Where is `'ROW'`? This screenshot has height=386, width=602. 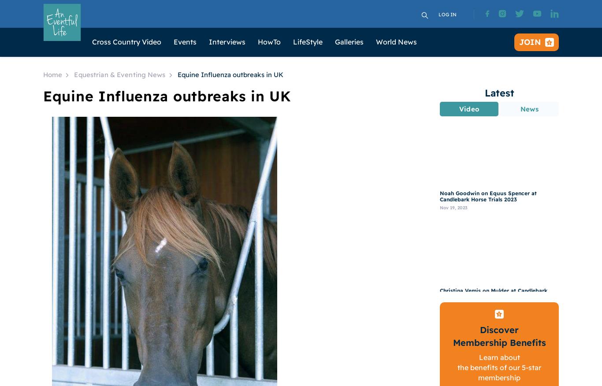
'ROW' is located at coordinates (267, 131).